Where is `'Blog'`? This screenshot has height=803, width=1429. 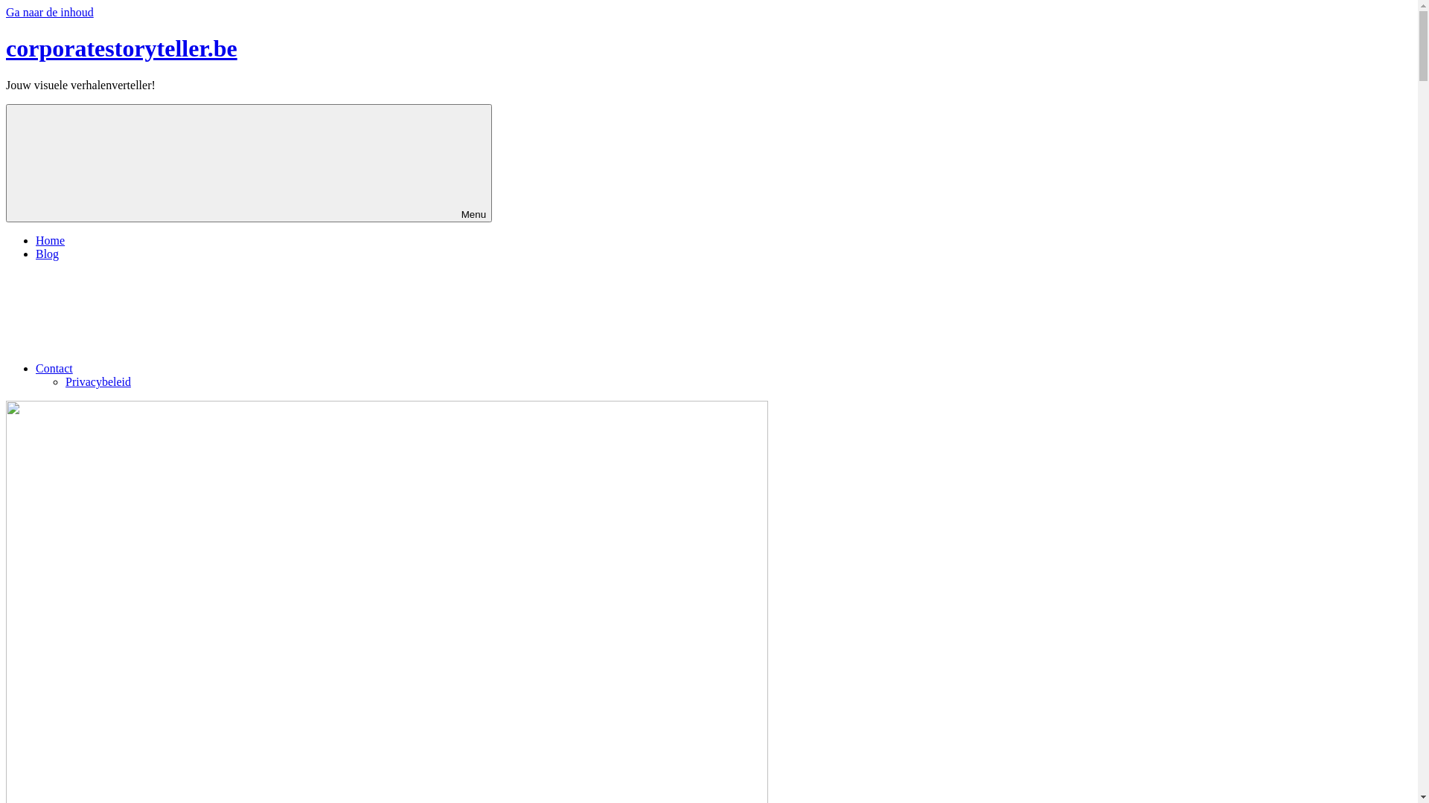
'Blog' is located at coordinates (47, 253).